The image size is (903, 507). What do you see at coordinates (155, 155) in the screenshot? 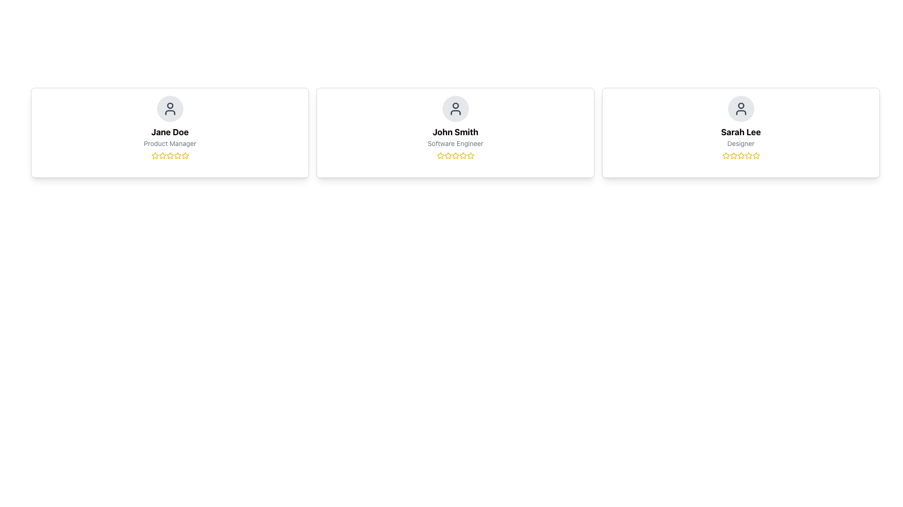
I see `the first star icon in the rating system located below the title 'Jane Doe' and 'Product Manager' in the leftmost card of the three cards` at bounding box center [155, 155].